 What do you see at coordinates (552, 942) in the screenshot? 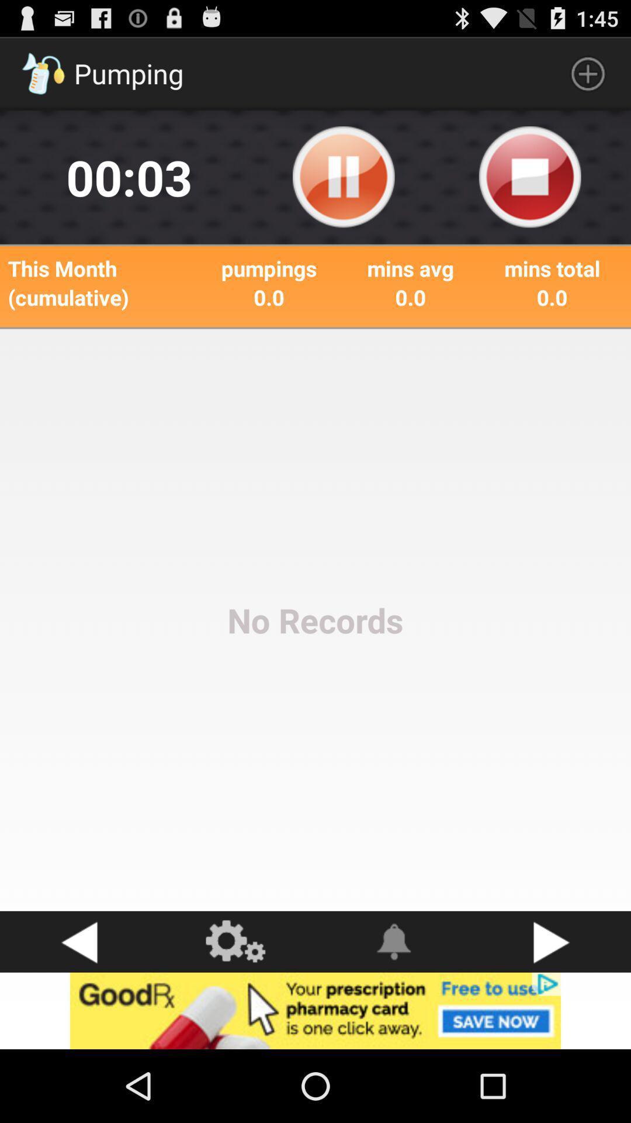
I see `next button` at bounding box center [552, 942].